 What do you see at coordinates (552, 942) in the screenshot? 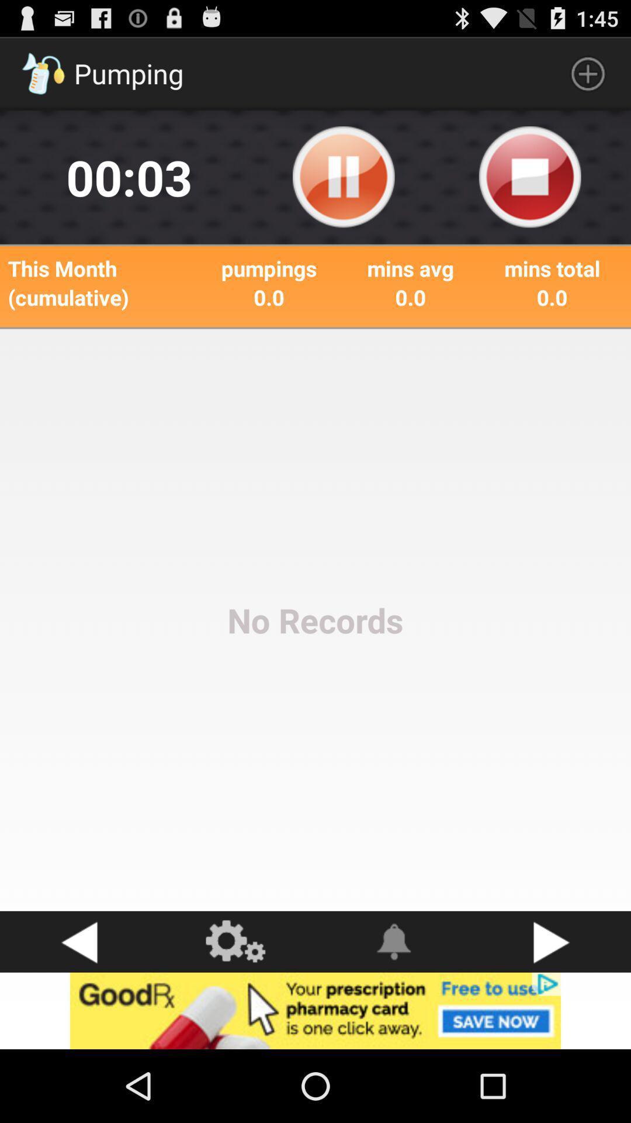
I see `next button` at bounding box center [552, 942].